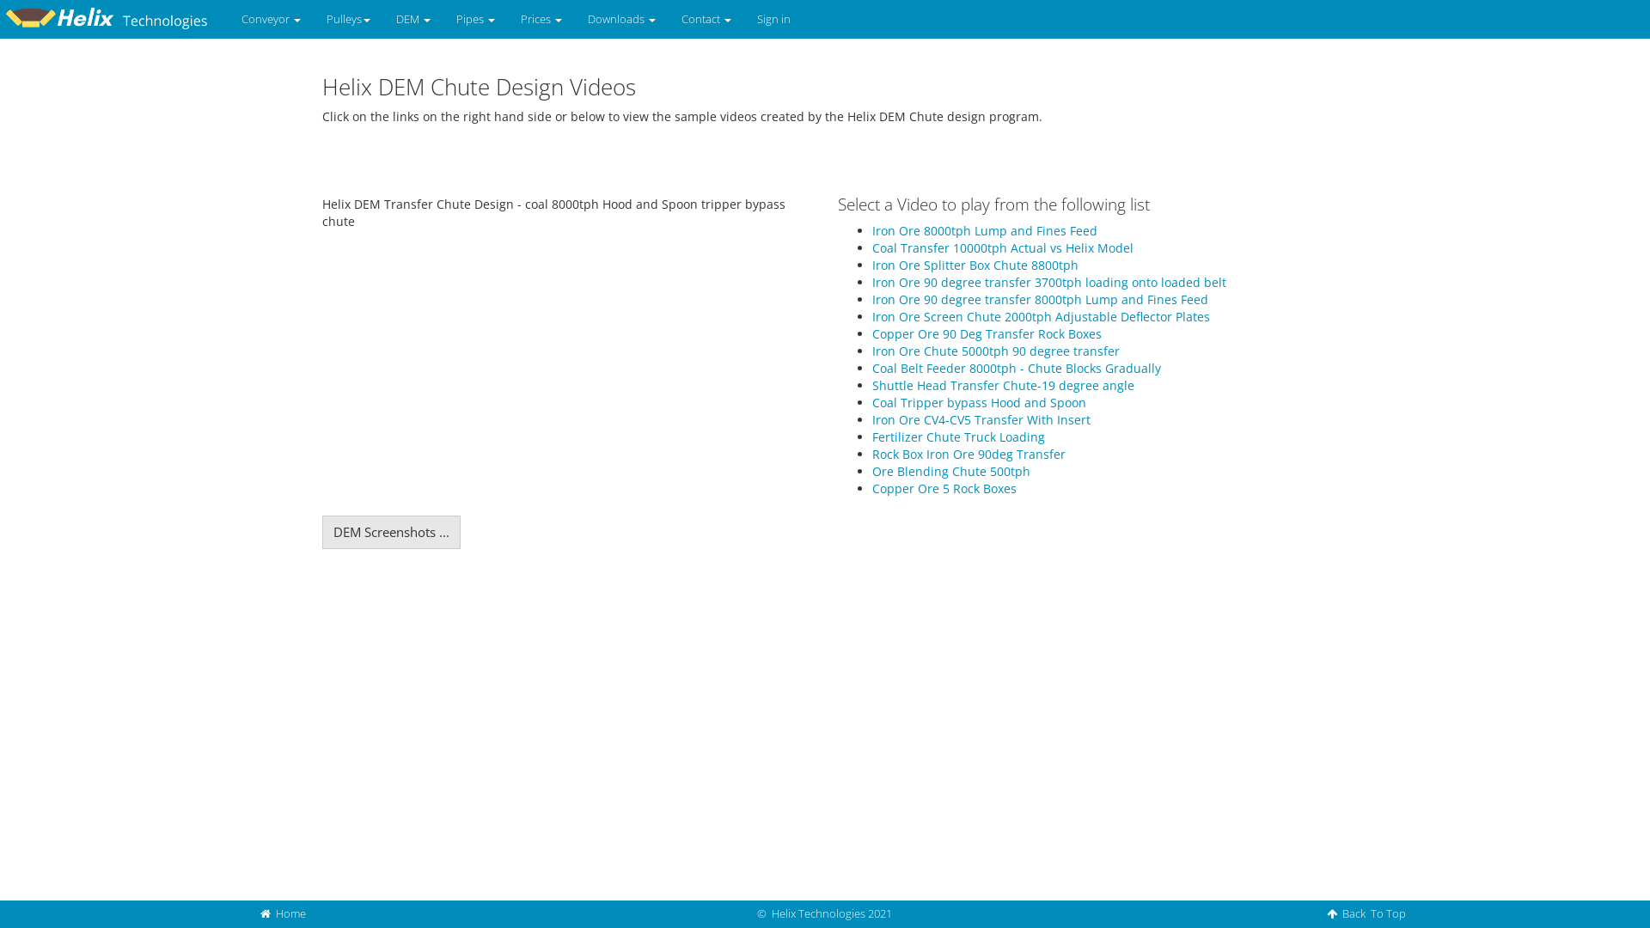 The height and width of the screenshot is (928, 1650). Describe the element at coordinates (871, 367) in the screenshot. I see `'Coal Belt Feeder 8000tph - Chute Blocks Gradually'` at that location.